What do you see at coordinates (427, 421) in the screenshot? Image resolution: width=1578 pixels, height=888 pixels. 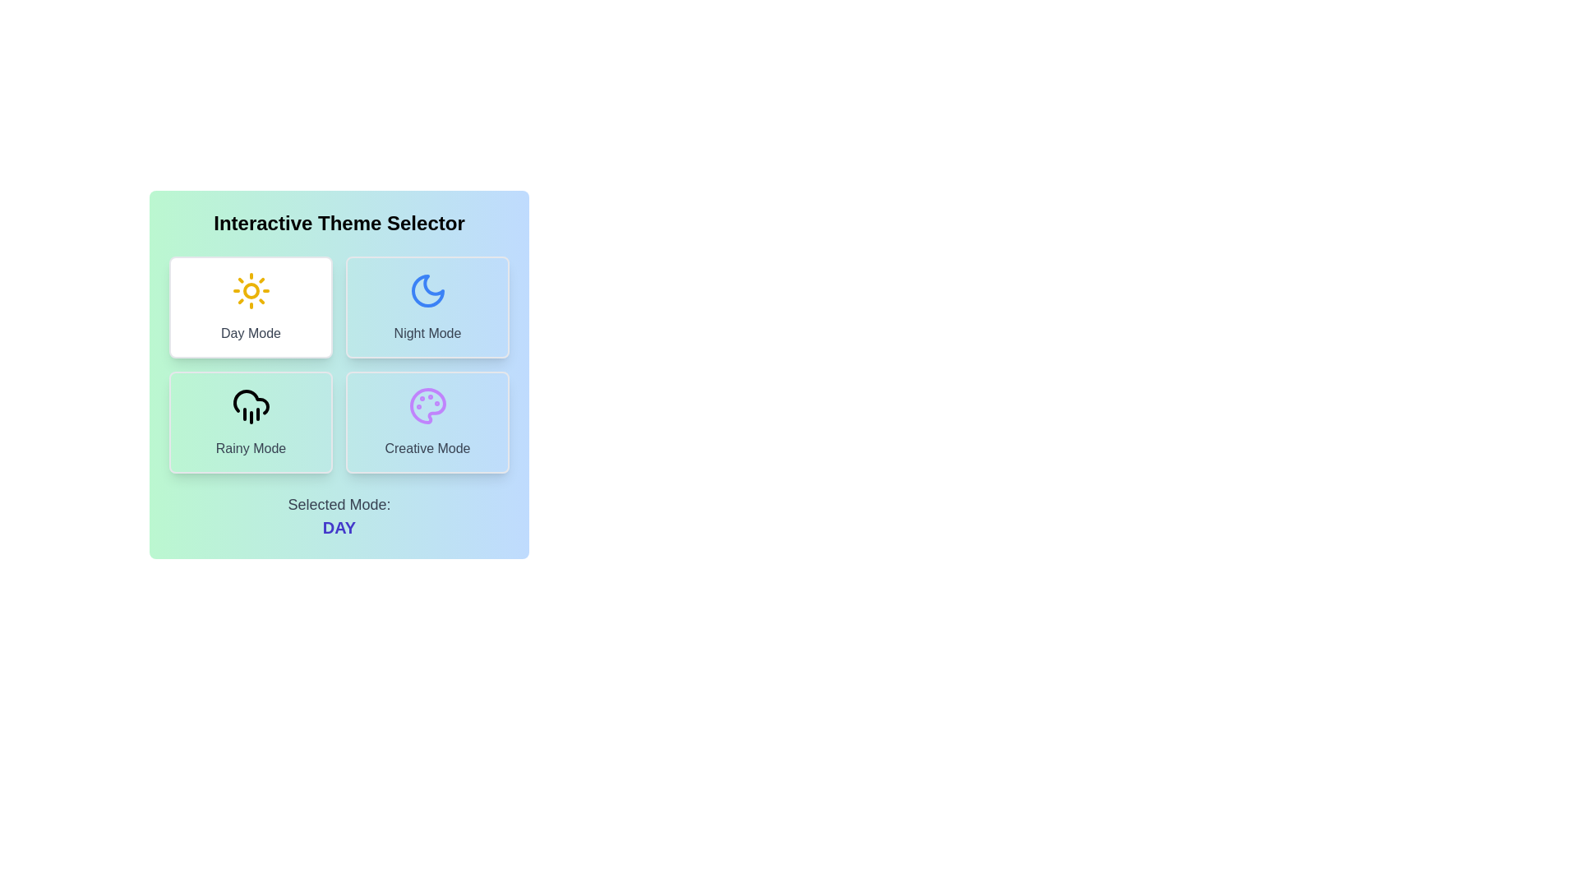 I see `the Creative Mode button to observe its hover effect` at bounding box center [427, 421].